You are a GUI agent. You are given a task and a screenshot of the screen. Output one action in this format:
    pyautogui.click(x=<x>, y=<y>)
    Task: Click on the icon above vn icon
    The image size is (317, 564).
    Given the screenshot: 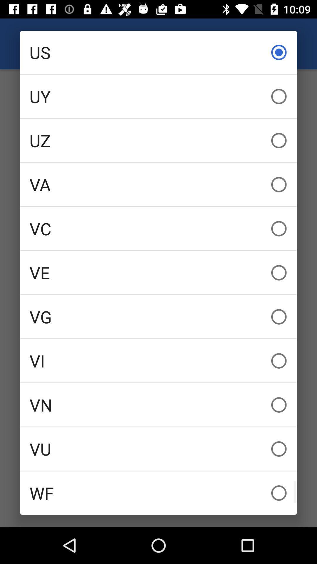 What is the action you would take?
    pyautogui.click(x=158, y=360)
    